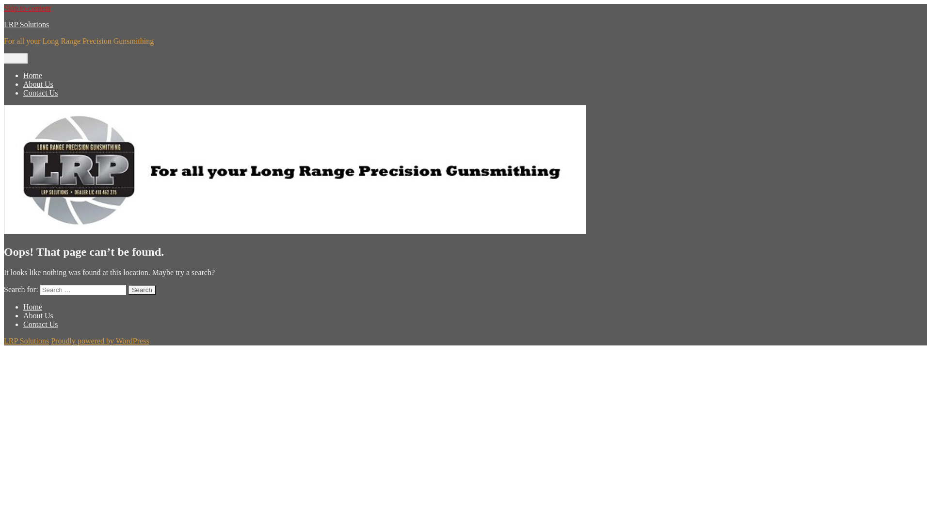  What do you see at coordinates (16, 58) in the screenshot?
I see `'Menu'` at bounding box center [16, 58].